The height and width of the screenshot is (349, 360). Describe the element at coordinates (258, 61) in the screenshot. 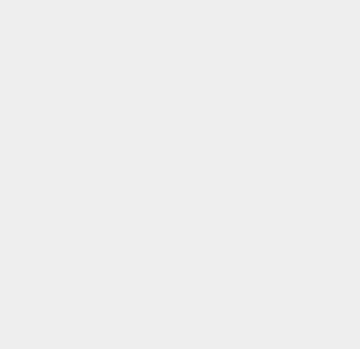

I see `'Ovi'` at that location.